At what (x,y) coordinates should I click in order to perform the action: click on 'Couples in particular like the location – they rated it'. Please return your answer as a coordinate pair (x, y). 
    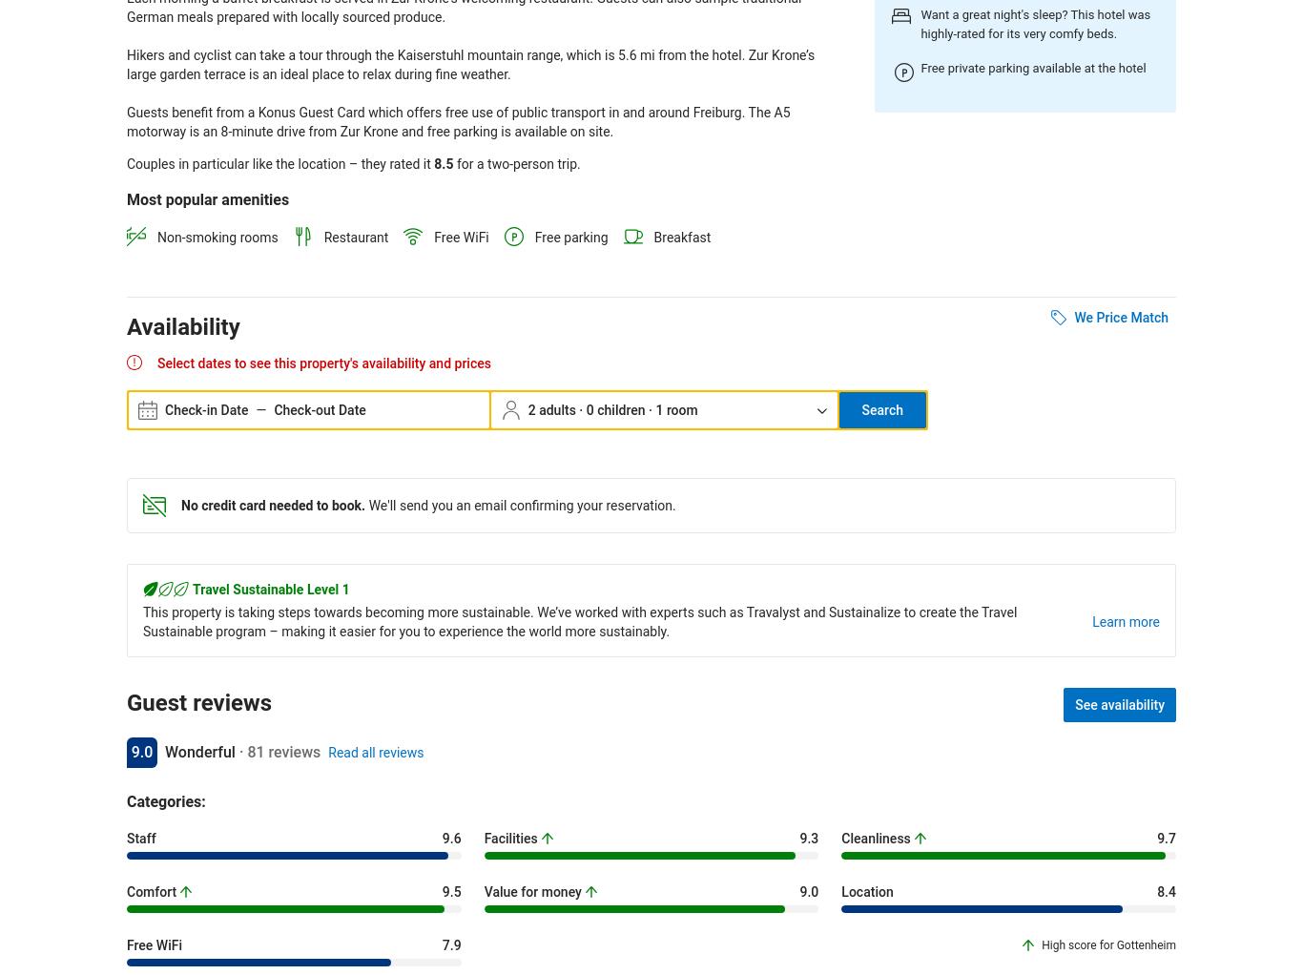
    Looking at the image, I should click on (279, 161).